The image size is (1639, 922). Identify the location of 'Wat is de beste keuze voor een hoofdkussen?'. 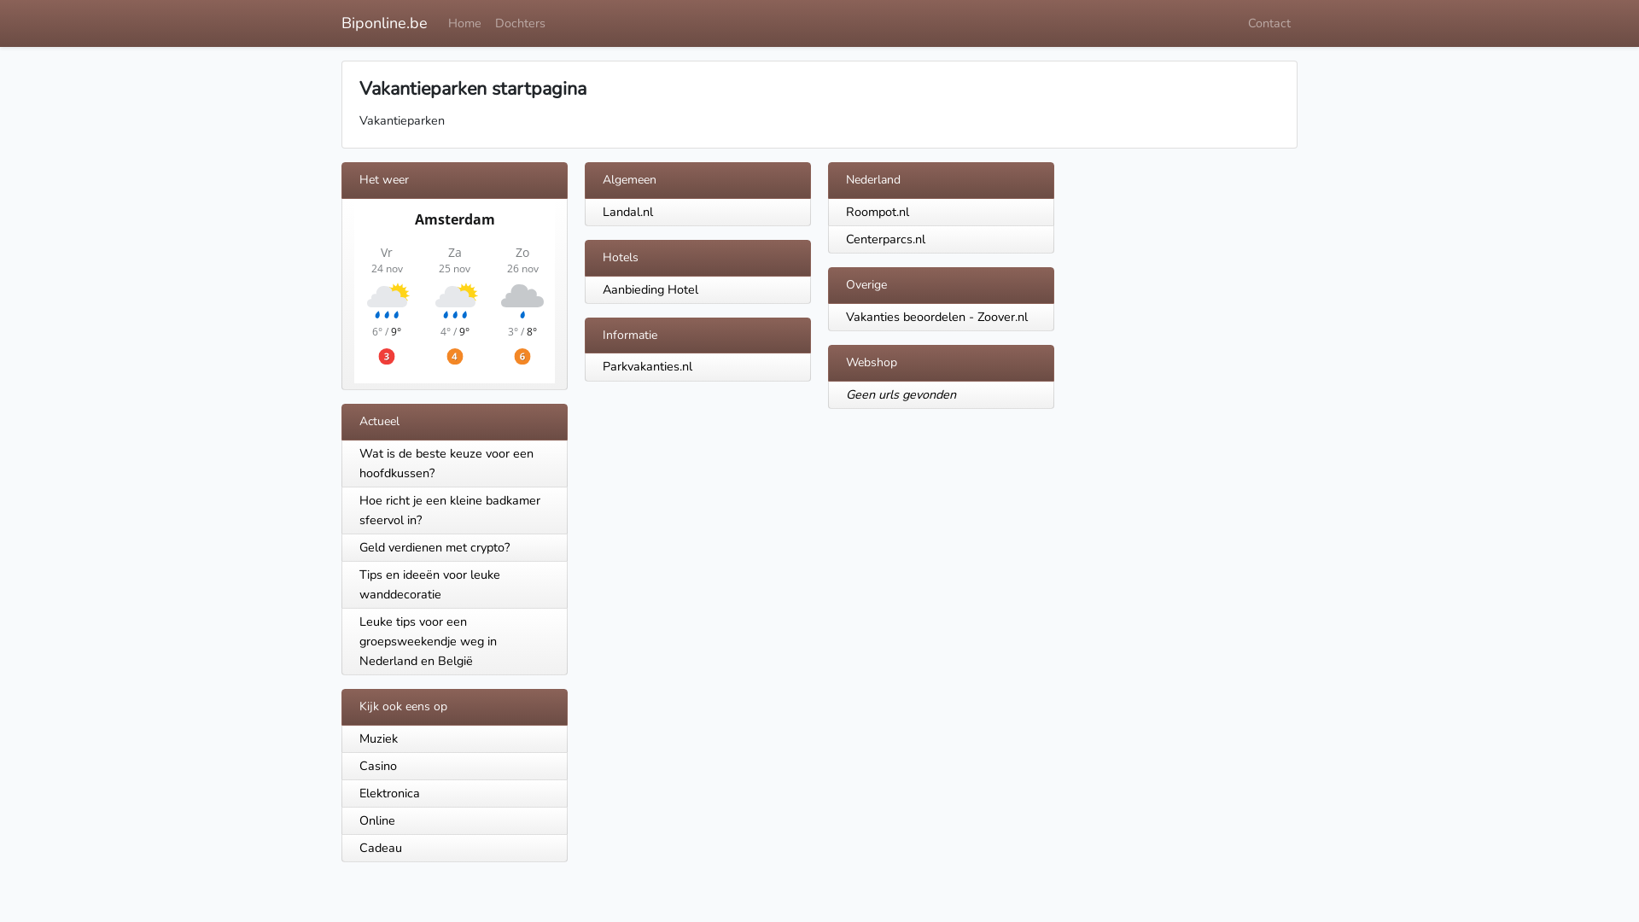
(341, 464).